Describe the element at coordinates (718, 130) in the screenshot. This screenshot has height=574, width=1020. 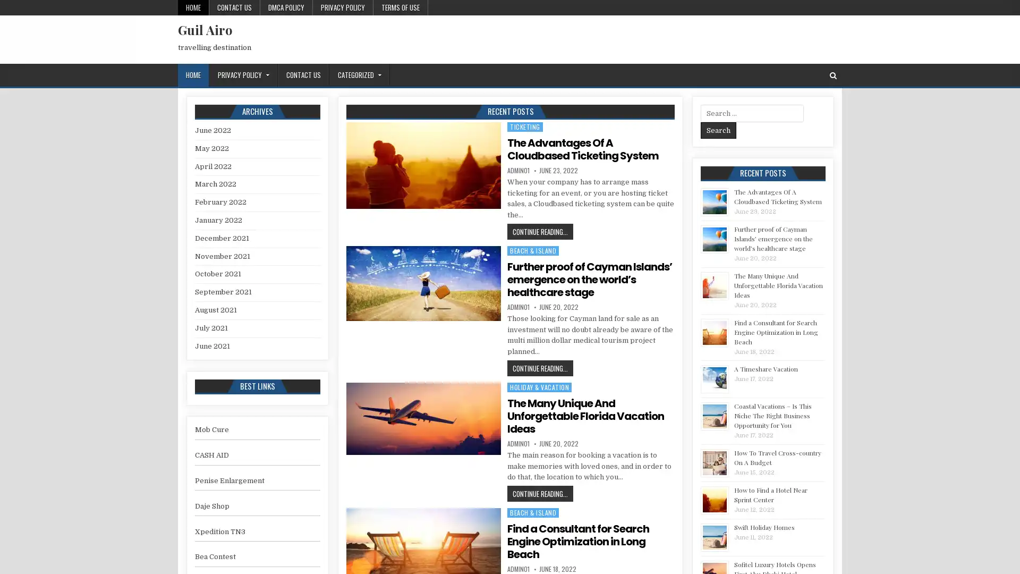
I see `Search` at that location.